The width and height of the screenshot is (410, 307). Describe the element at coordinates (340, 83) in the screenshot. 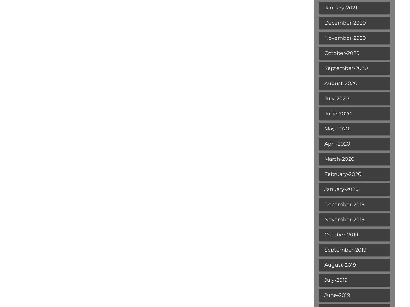

I see `'August-2020'` at that location.